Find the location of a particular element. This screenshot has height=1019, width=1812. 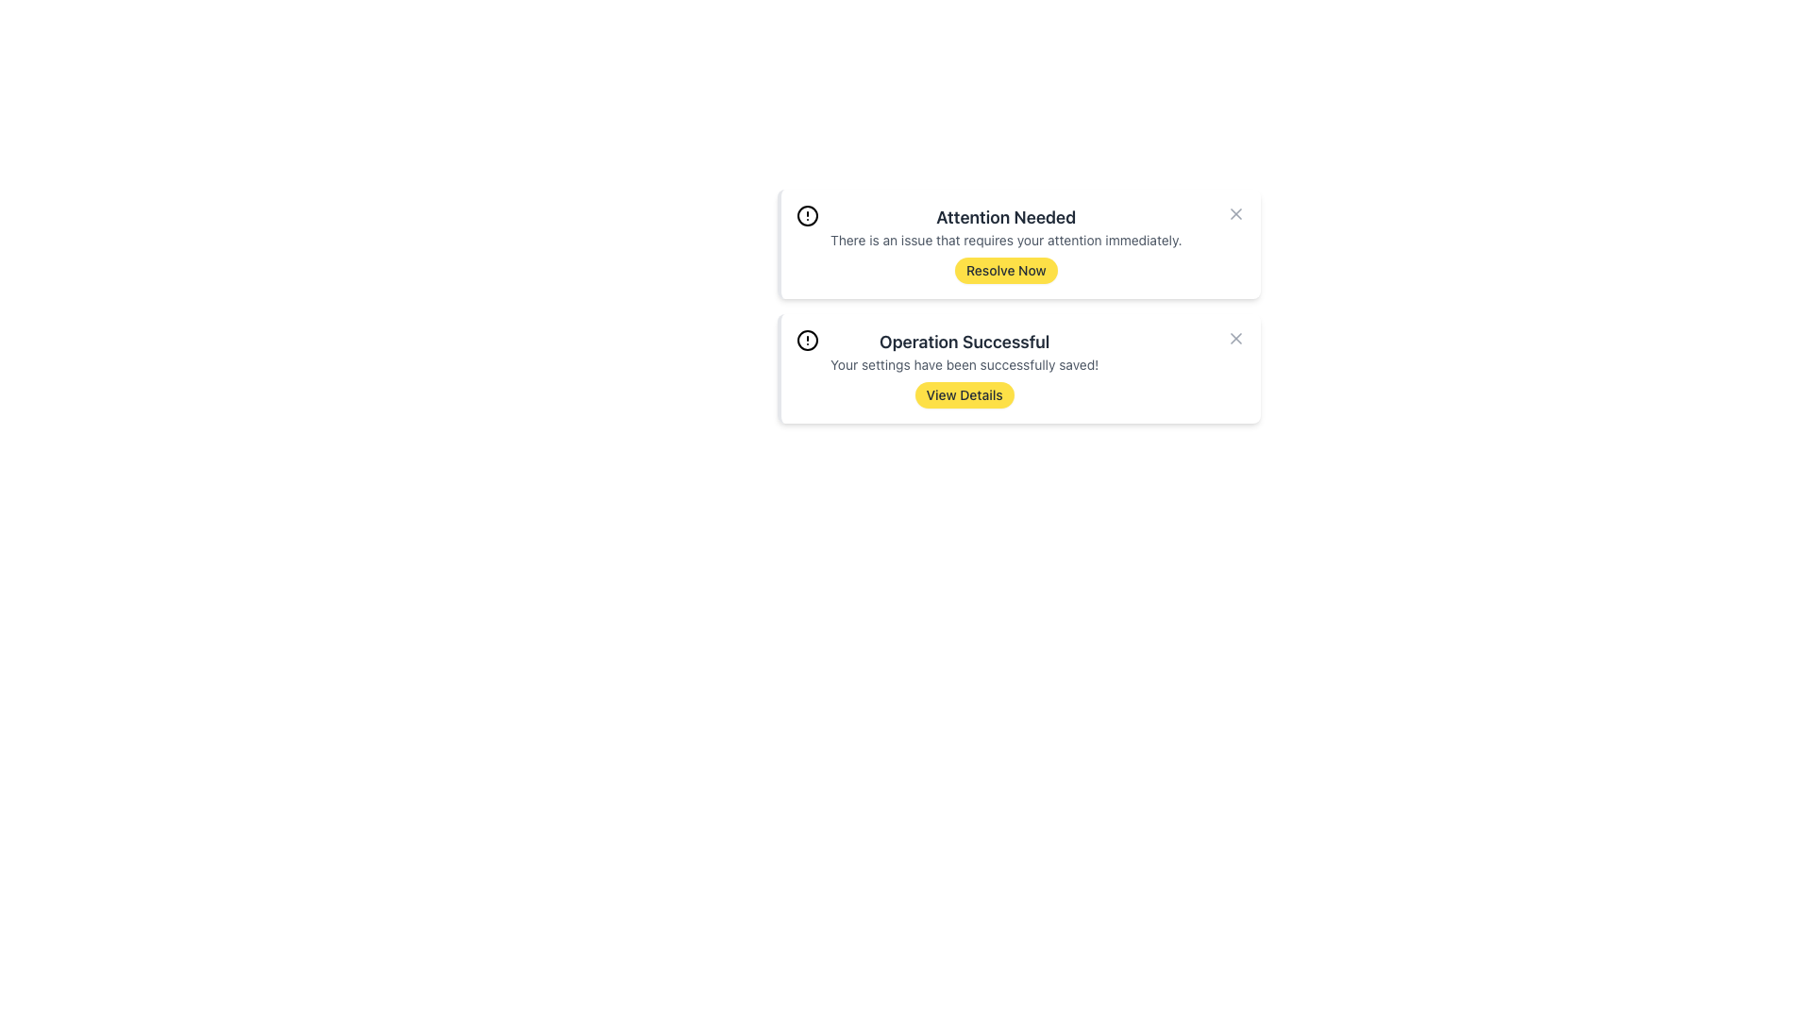

the Close button (X icon) located on the far right side of the 'Operation Successful' notification box to observe the hover effect is located at coordinates (1236, 337).